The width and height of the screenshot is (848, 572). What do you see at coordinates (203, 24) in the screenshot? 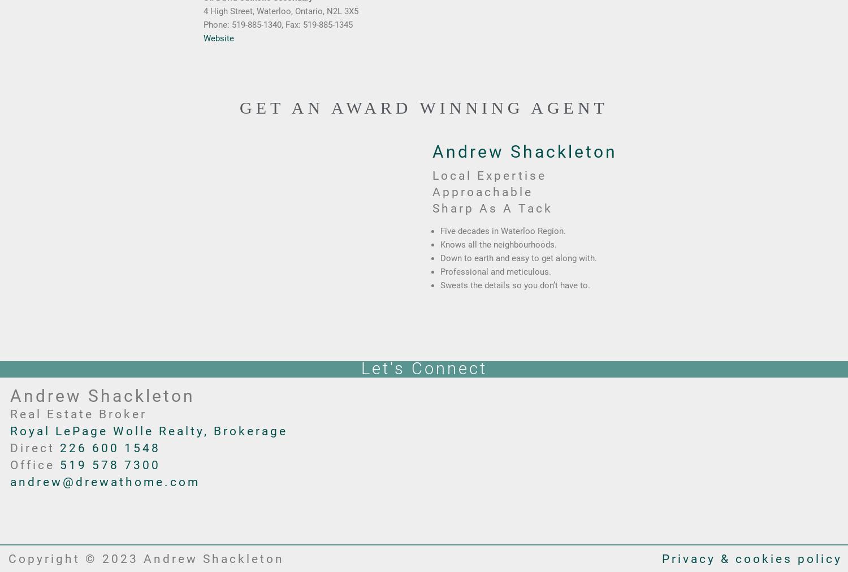
I see `'Phone: 519-885-1340, Fax: 519-885-1345'` at bounding box center [203, 24].